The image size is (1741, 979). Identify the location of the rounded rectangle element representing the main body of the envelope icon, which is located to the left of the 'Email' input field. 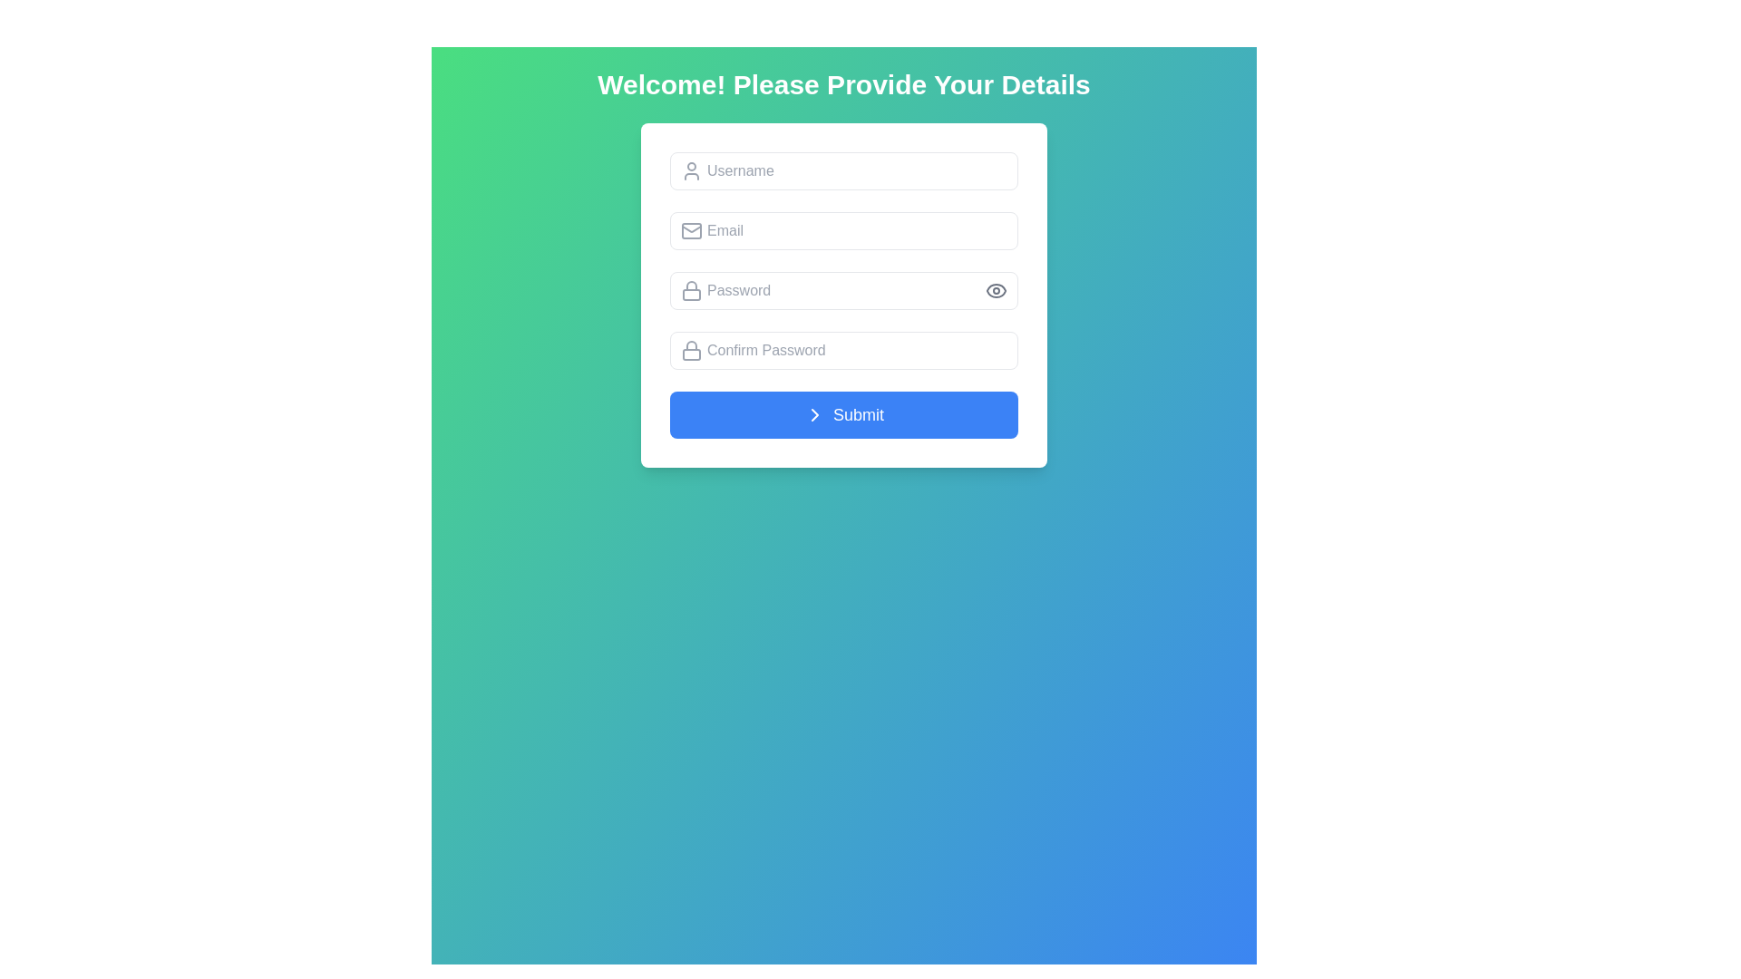
(691, 229).